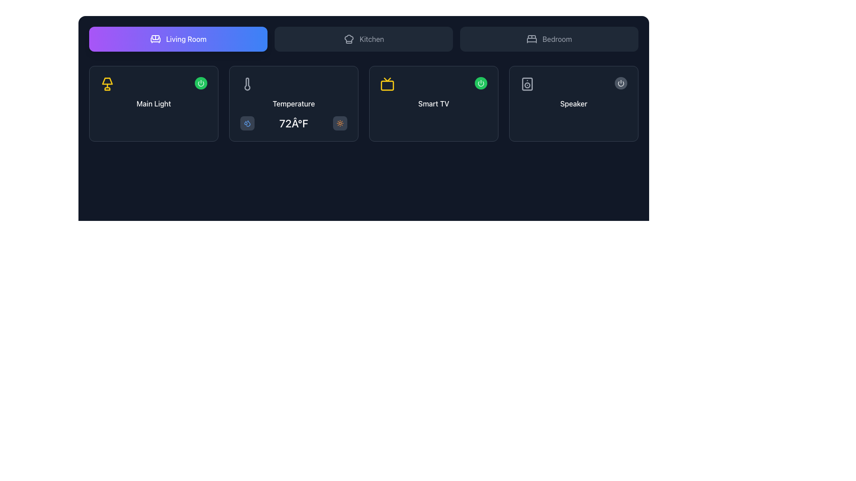  Describe the element at coordinates (620, 83) in the screenshot. I see `the circular gray button with a white power icon at its center, located at the top-right corner of the 'Speaker' card` at that location.